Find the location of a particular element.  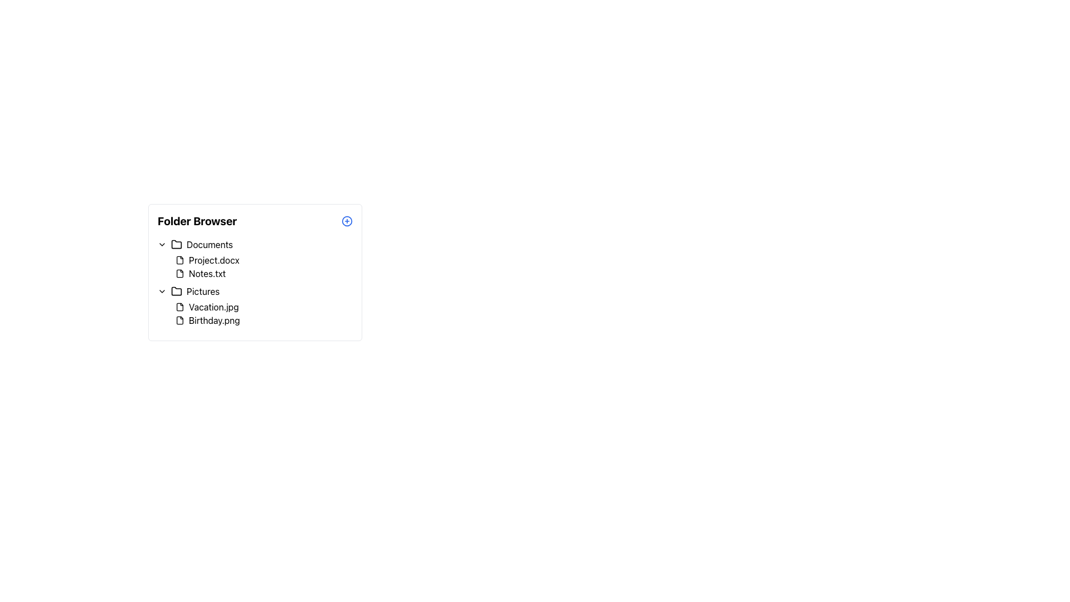

the file icon next to the 'Birthday.png' text is located at coordinates (179, 320).